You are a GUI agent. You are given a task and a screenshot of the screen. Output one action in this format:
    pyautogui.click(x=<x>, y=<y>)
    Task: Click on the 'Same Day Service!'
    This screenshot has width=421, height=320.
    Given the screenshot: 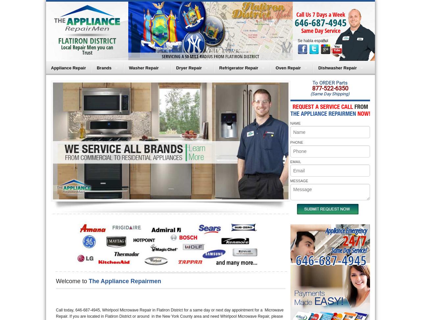 What is the action you would take?
    pyautogui.click(x=348, y=250)
    